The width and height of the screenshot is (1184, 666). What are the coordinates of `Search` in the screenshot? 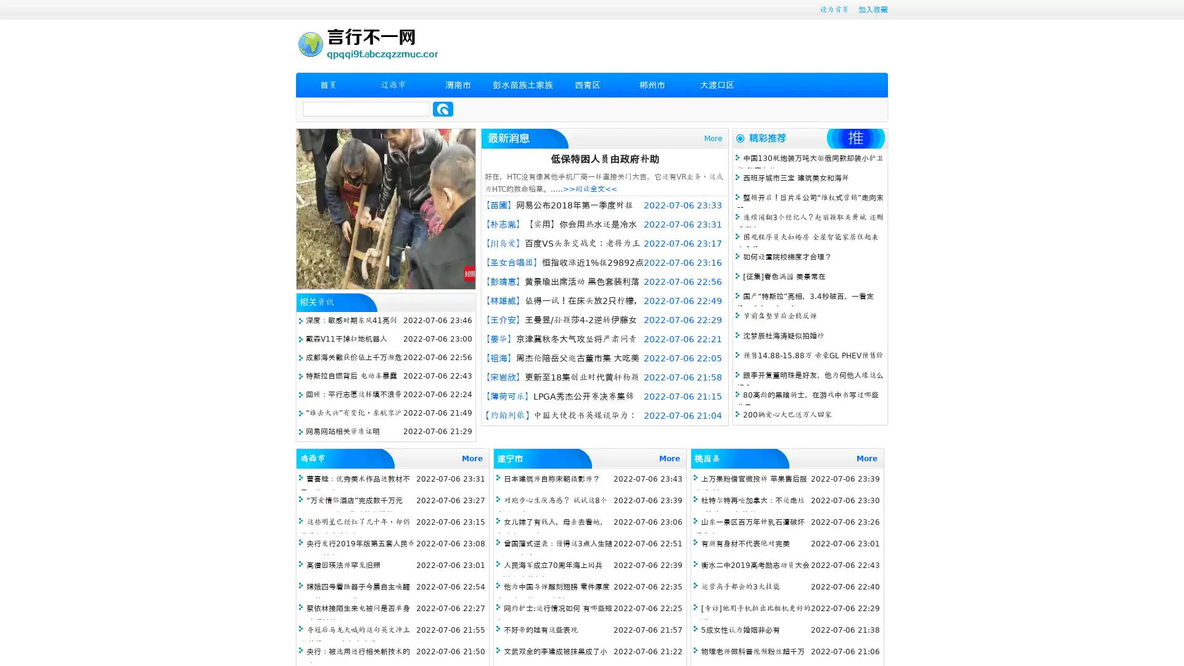 It's located at (443, 109).